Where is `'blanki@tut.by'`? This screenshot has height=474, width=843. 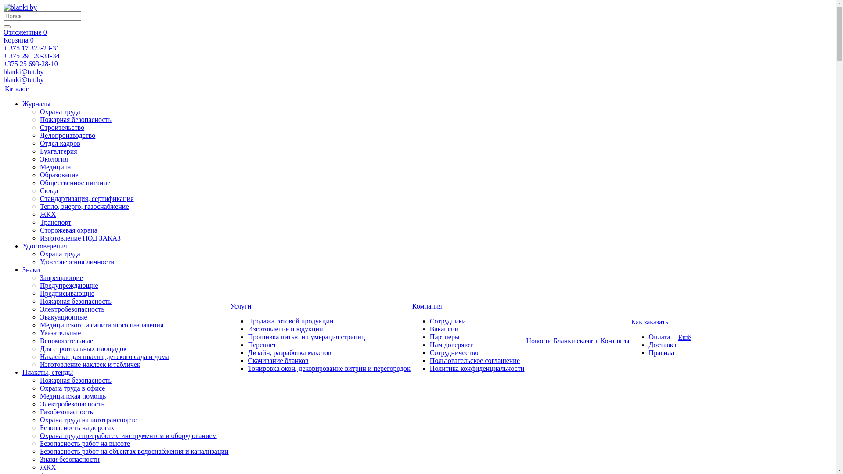
'blanki@tut.by' is located at coordinates (23, 79).